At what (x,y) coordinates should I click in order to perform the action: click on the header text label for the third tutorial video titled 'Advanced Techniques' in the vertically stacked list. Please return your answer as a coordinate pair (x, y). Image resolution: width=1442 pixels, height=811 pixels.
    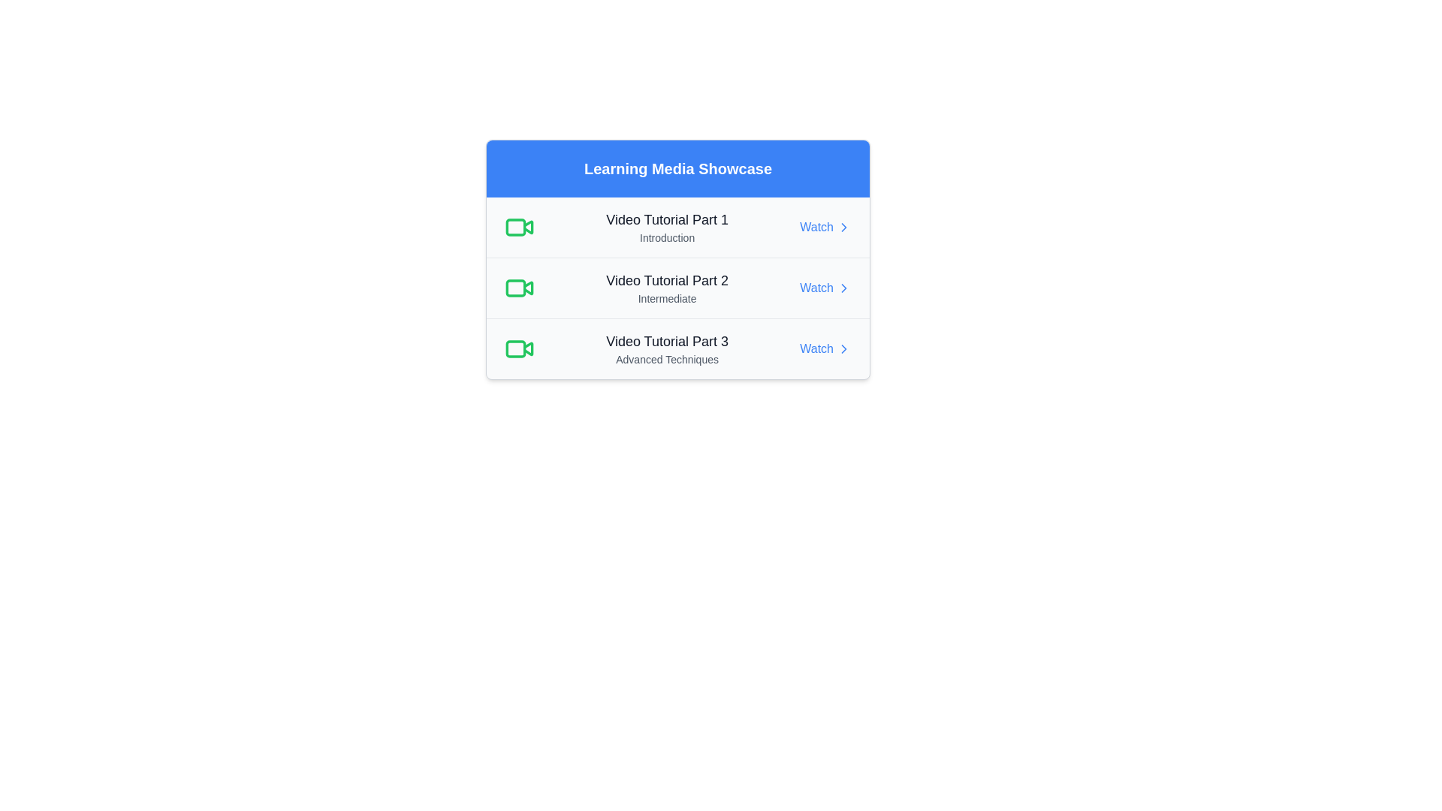
    Looking at the image, I should click on (666, 342).